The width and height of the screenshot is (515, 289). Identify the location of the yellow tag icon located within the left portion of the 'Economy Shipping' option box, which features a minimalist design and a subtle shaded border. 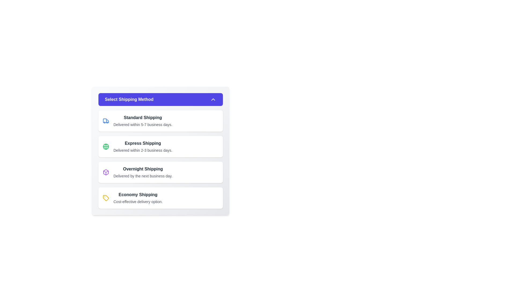
(106, 198).